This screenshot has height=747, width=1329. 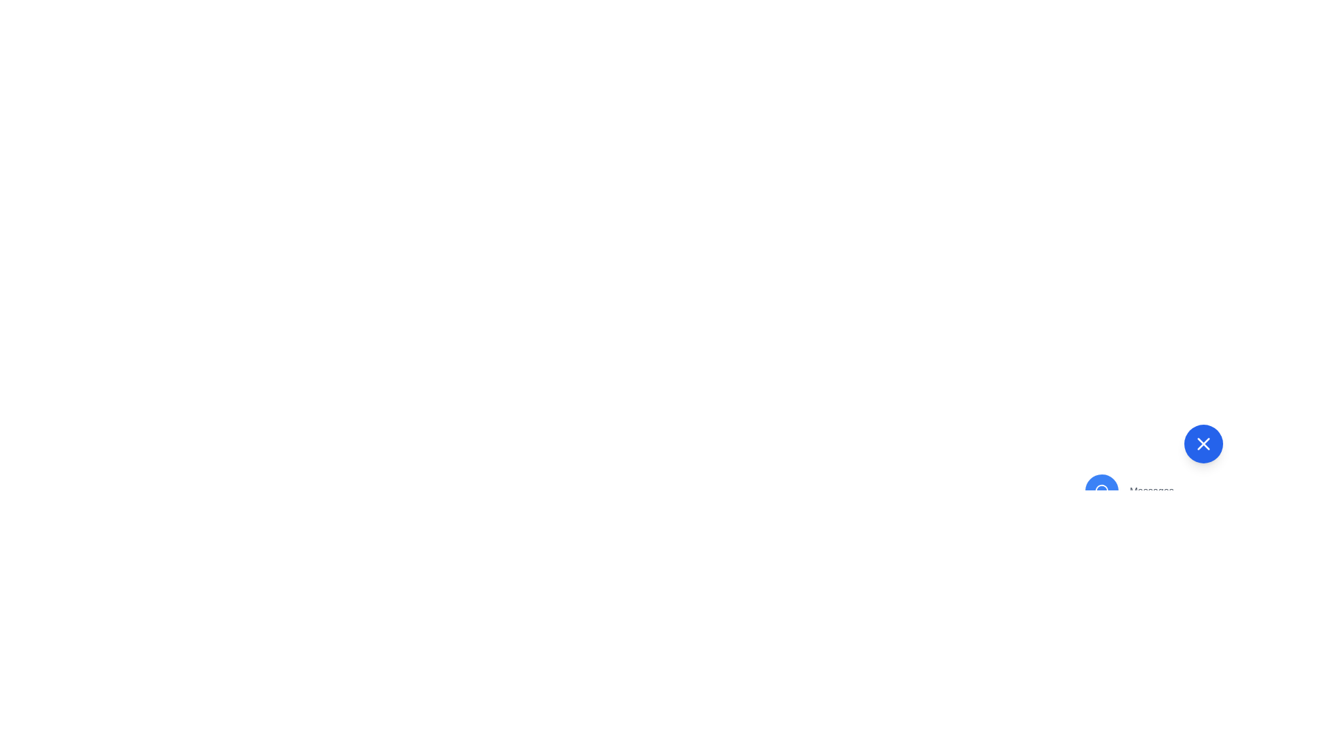 What do you see at coordinates (1202, 443) in the screenshot?
I see `floating action button to toggle the visibility of the speed dial menu` at bounding box center [1202, 443].